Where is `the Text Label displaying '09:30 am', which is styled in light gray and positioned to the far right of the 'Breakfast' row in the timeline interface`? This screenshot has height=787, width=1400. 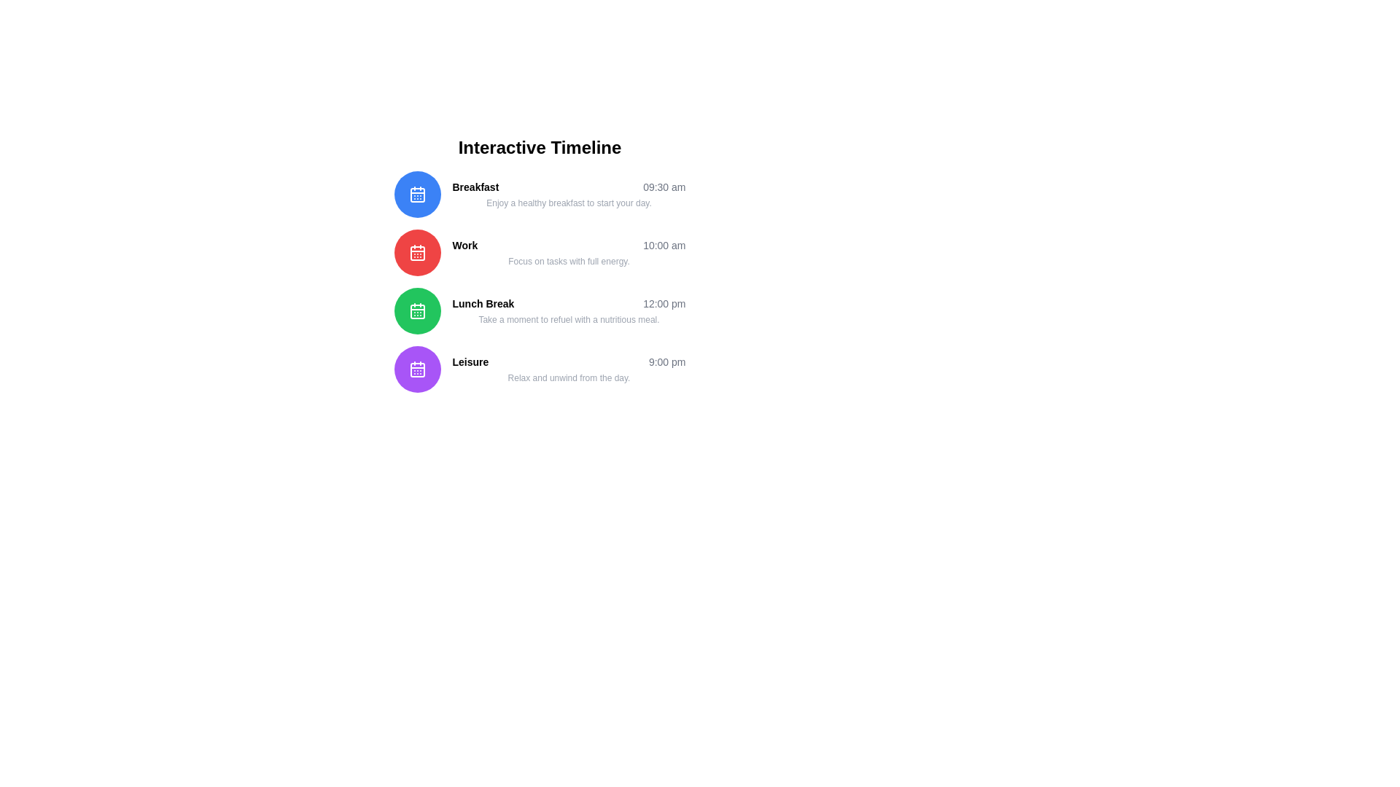
the Text Label displaying '09:30 am', which is styled in light gray and positioned to the far right of the 'Breakfast' row in the timeline interface is located at coordinates (664, 187).